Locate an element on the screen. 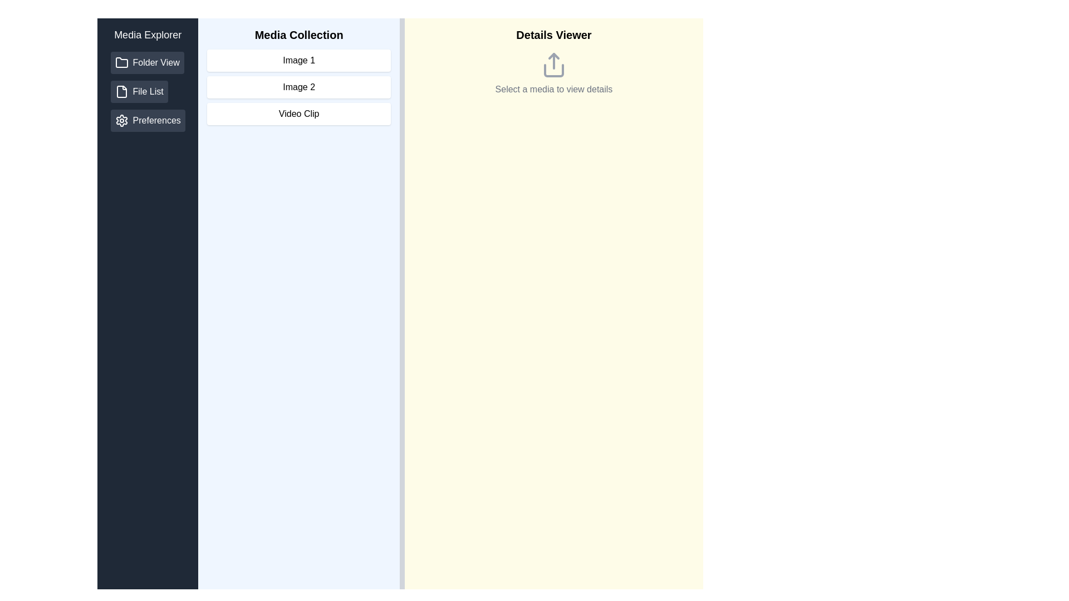  the 'File List' icon in the 'Media Explorer' sidebar menu is located at coordinates (121, 91).